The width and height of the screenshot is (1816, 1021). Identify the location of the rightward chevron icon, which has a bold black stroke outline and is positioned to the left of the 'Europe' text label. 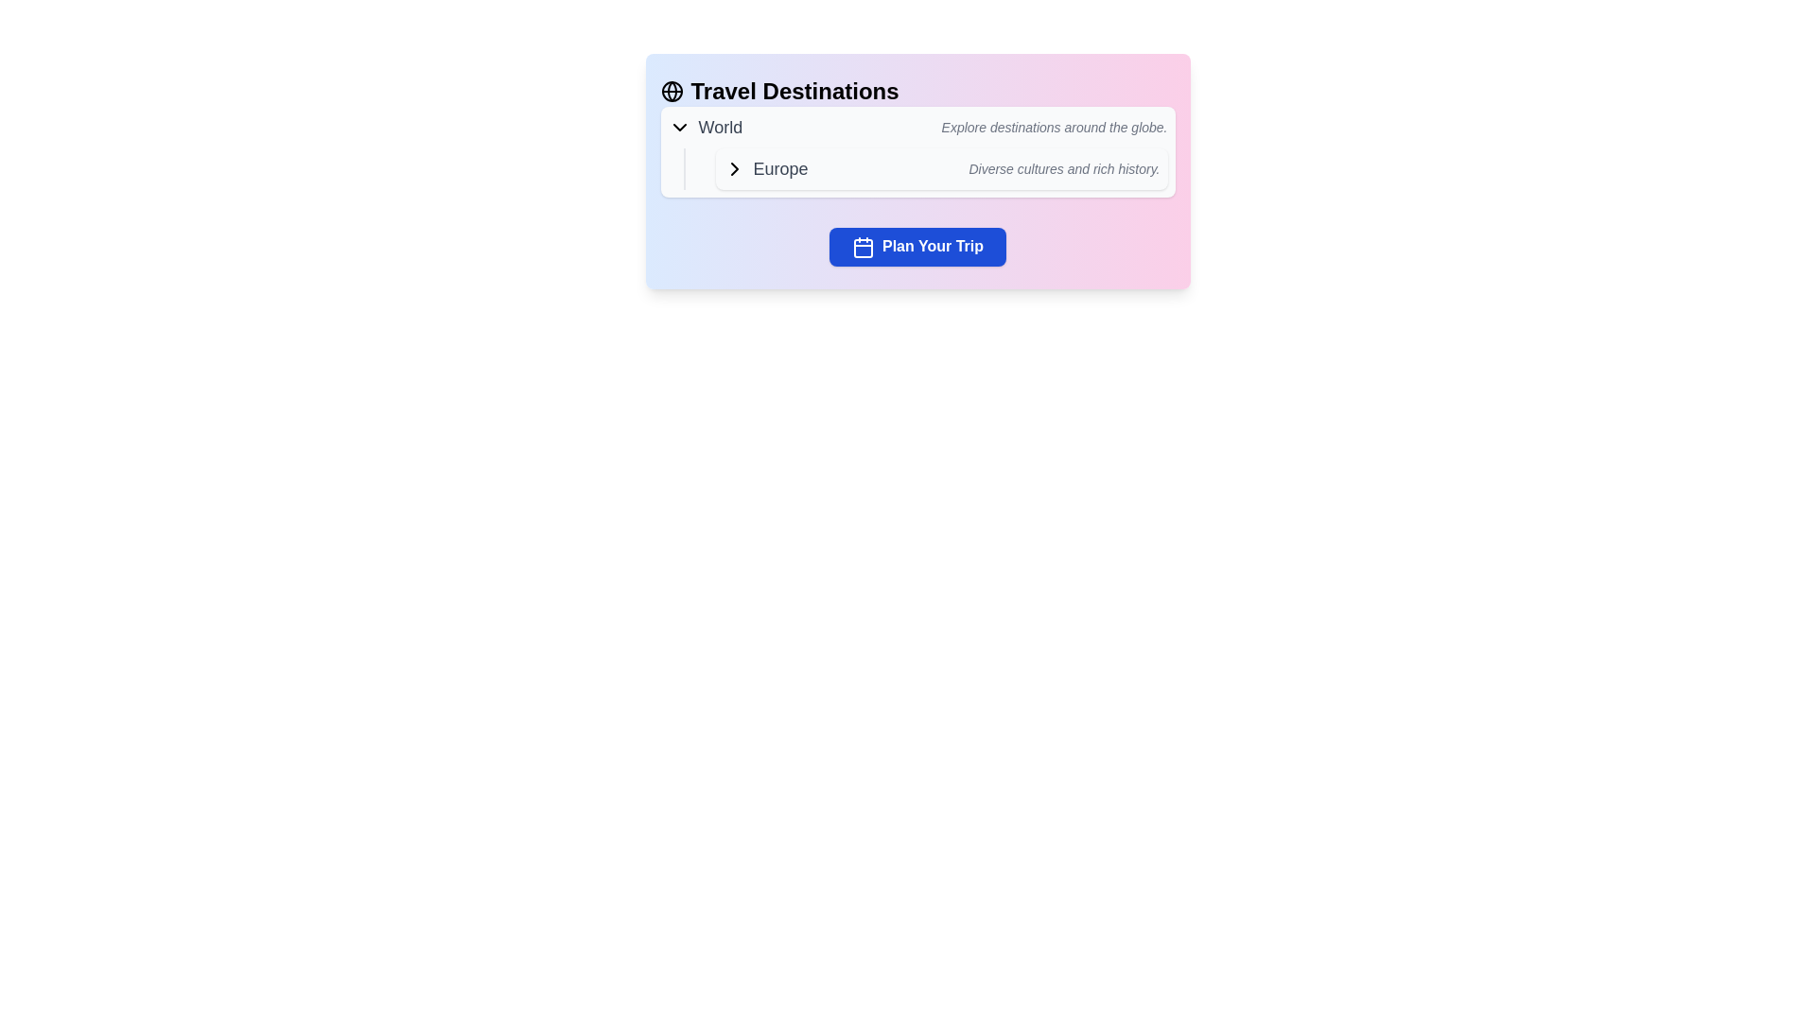
(733, 167).